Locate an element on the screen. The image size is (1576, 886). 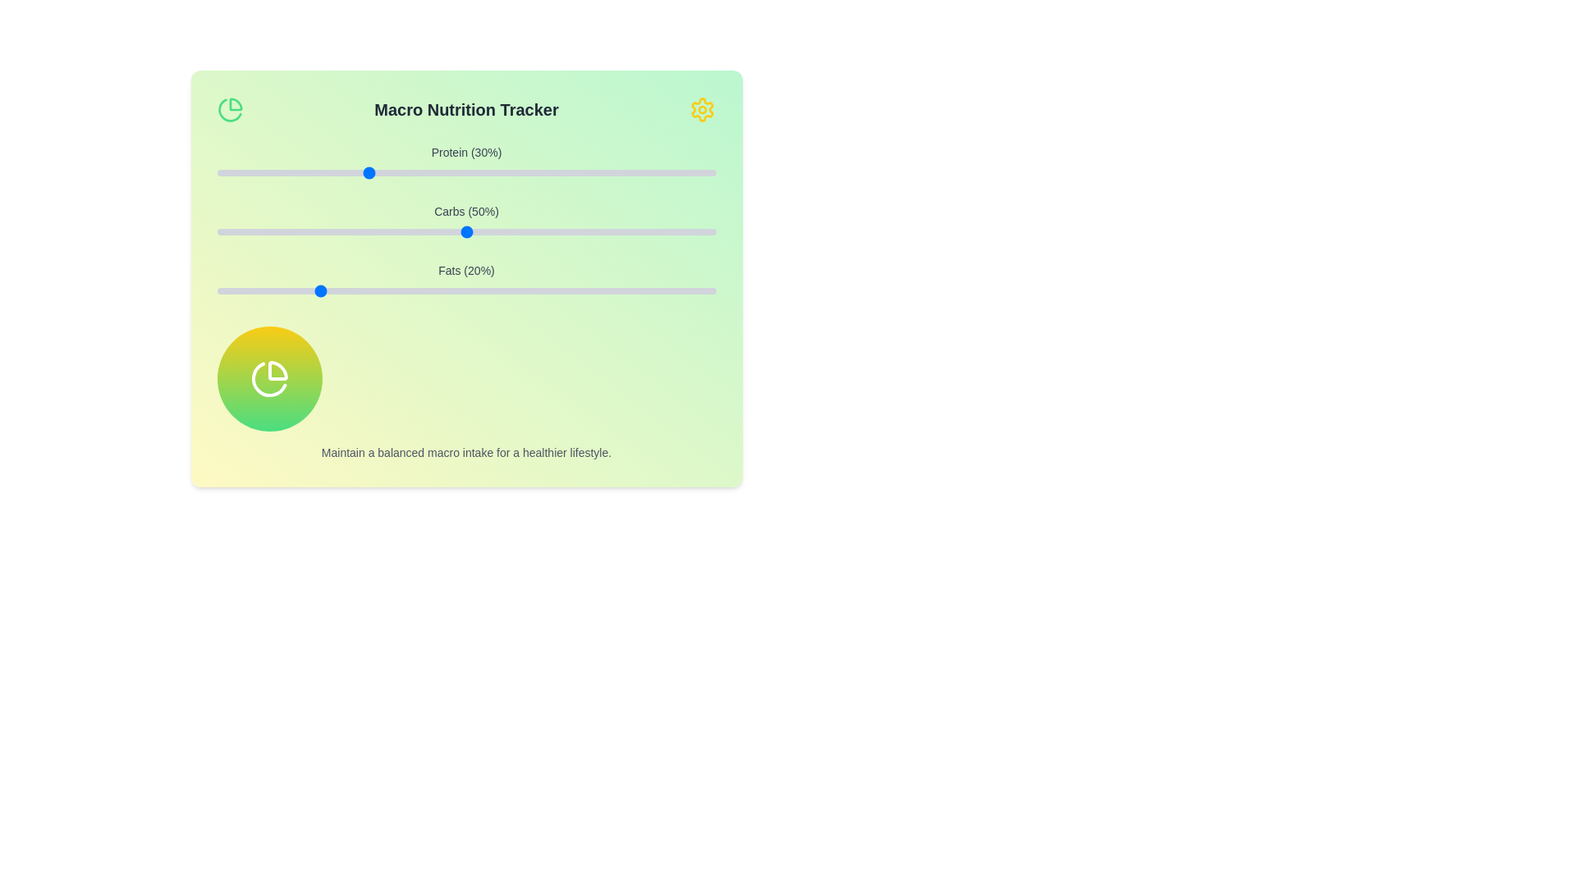
the pie chart icon in the footer is located at coordinates (269, 379).